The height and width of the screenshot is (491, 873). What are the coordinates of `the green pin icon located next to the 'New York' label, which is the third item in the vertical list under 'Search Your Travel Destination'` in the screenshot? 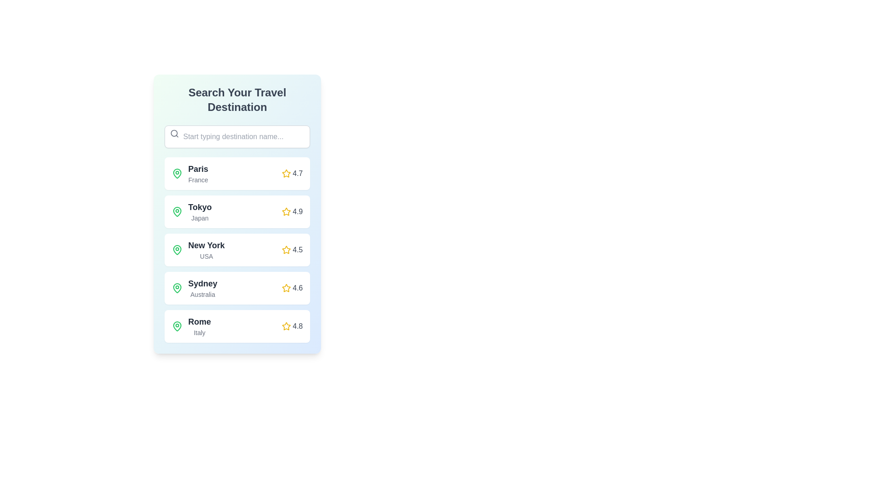 It's located at (177, 250).